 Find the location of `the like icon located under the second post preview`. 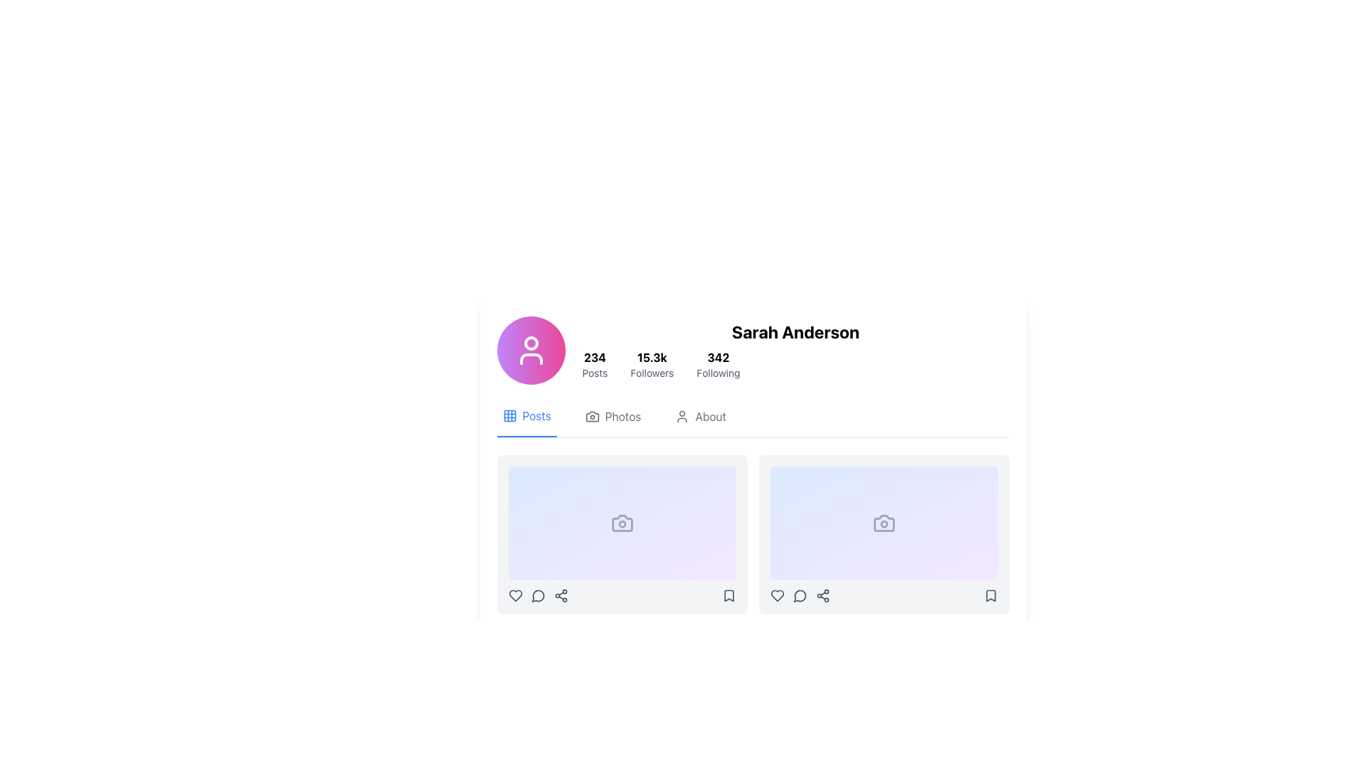

the like icon located under the second post preview is located at coordinates (776, 595).